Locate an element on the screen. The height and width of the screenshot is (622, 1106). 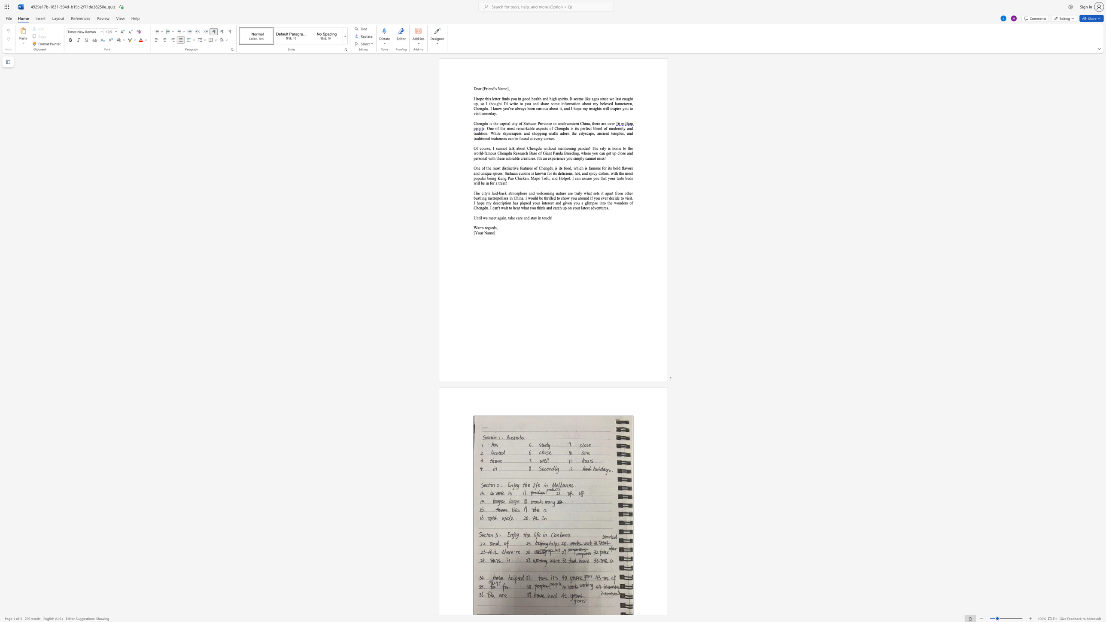
the subset text "ormation about my beloved hometow" within the text "write to you and share some information about my beloved hometown, Chengdu. I know" is located at coordinates (566, 103).